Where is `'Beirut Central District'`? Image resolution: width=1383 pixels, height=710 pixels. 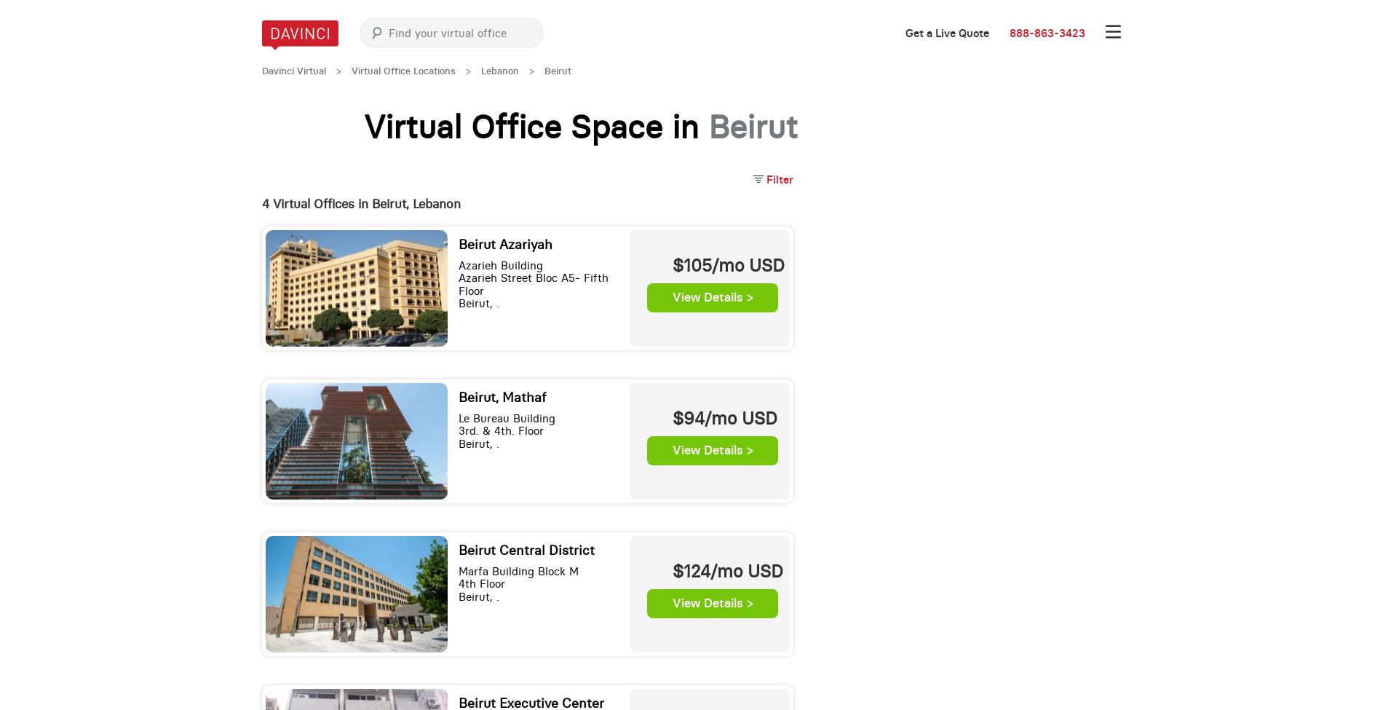
'Beirut Central District' is located at coordinates (525, 549).